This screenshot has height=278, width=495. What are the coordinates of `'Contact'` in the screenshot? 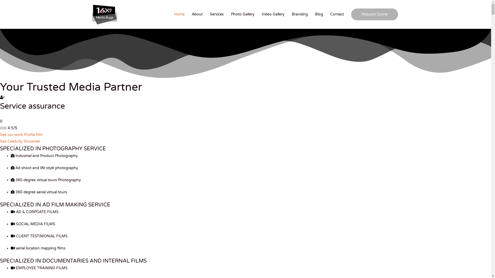 It's located at (337, 14).